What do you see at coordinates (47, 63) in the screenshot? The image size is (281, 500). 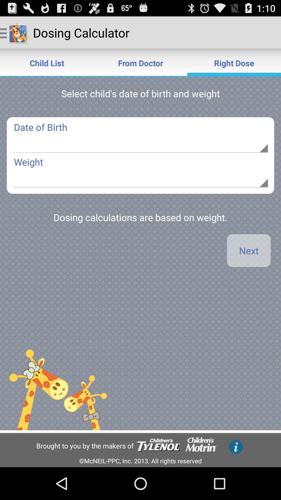 I see `child list icon` at bounding box center [47, 63].